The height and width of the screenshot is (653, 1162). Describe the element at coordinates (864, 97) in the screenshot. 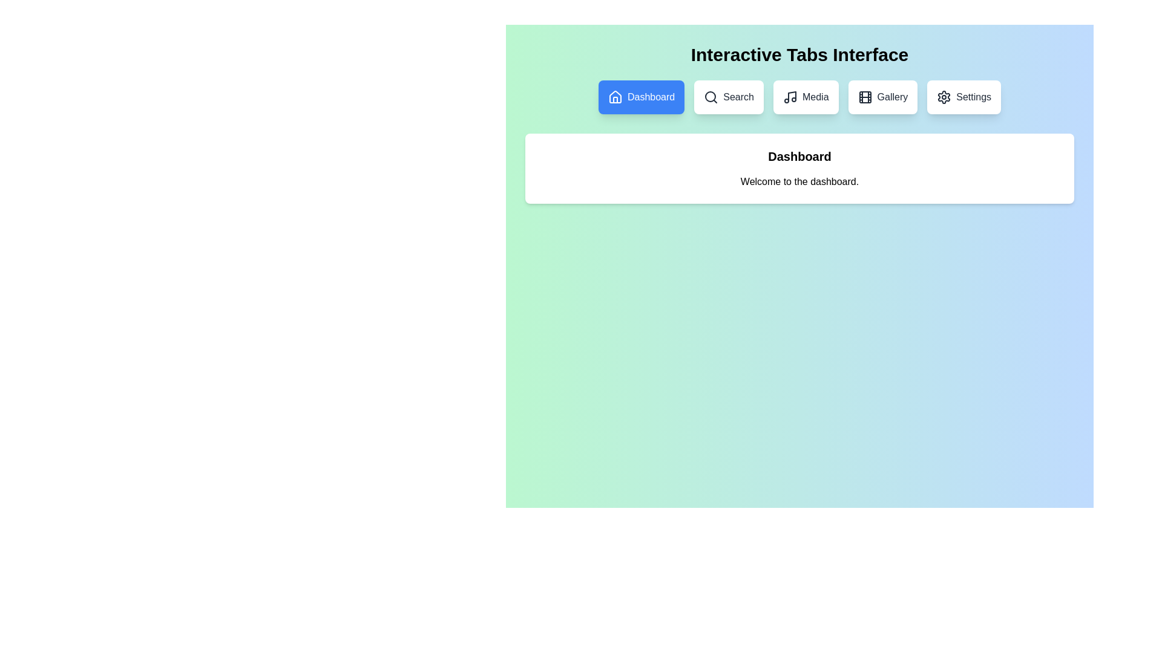

I see `the Gallery icon button that allows users` at that location.